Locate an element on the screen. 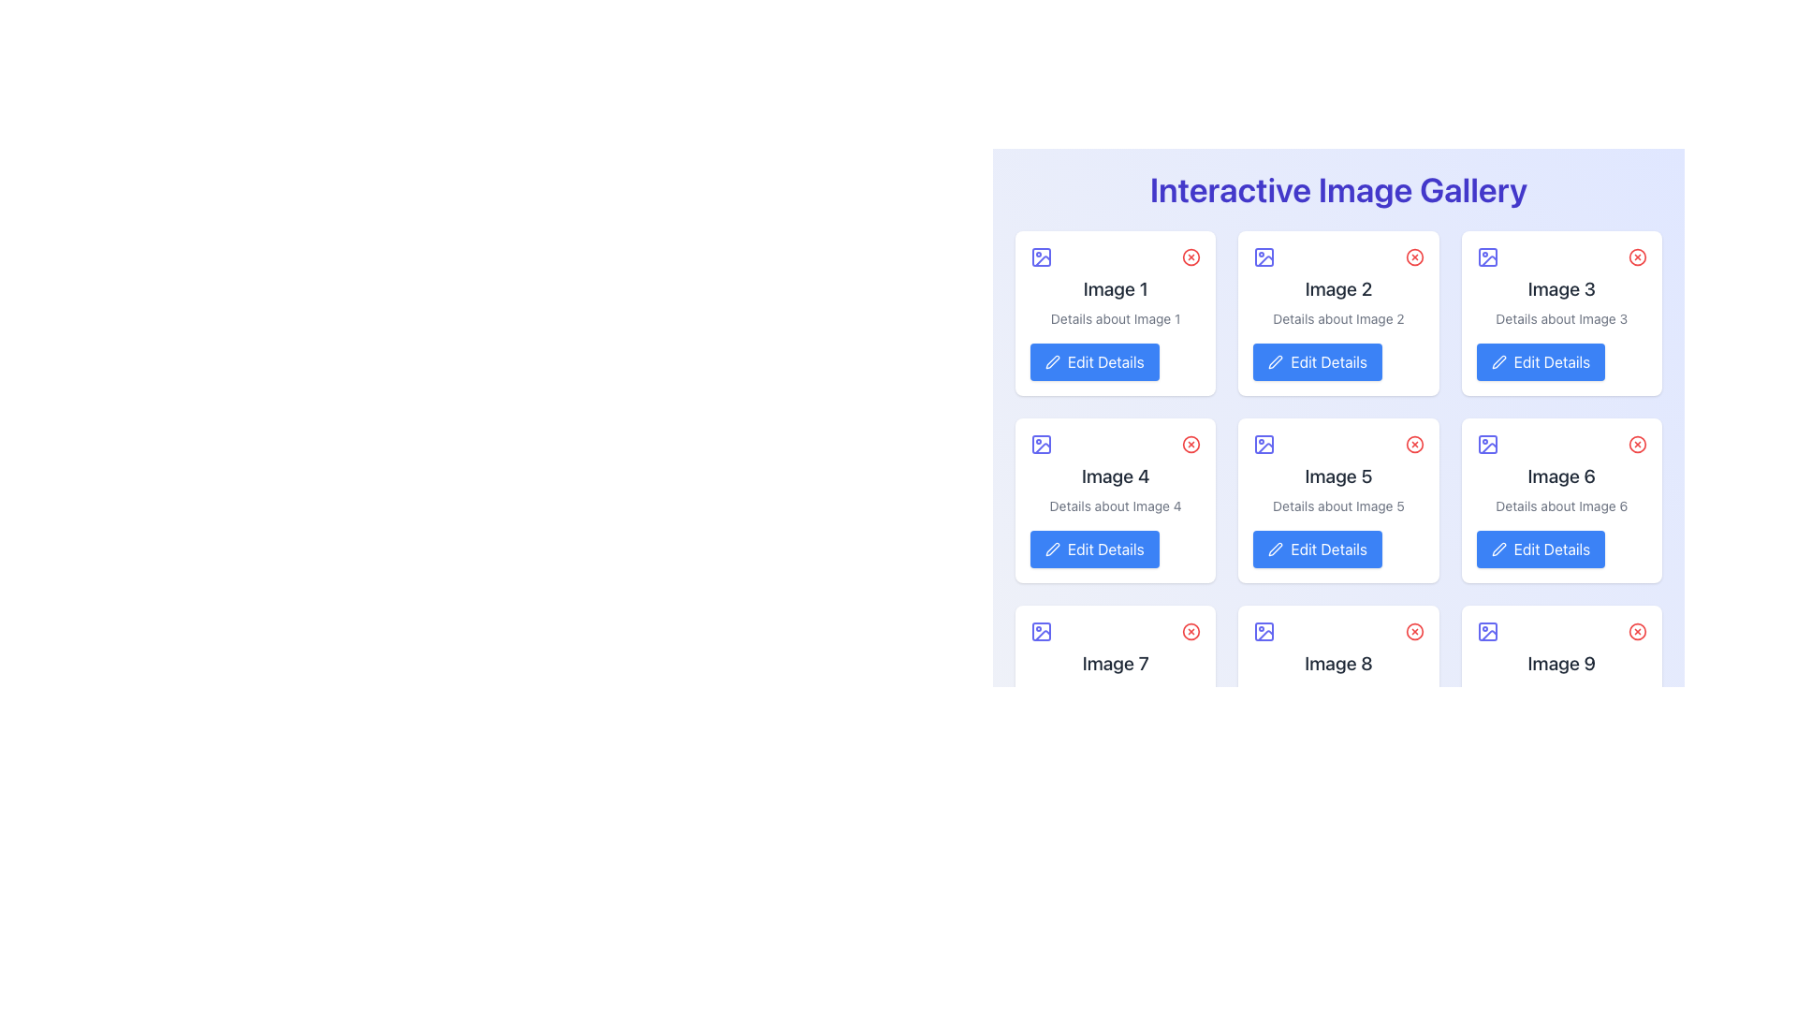 The height and width of the screenshot is (1011, 1797). the interactive button for editing details related to 'Image 5' by clicking it is located at coordinates (1316, 548).